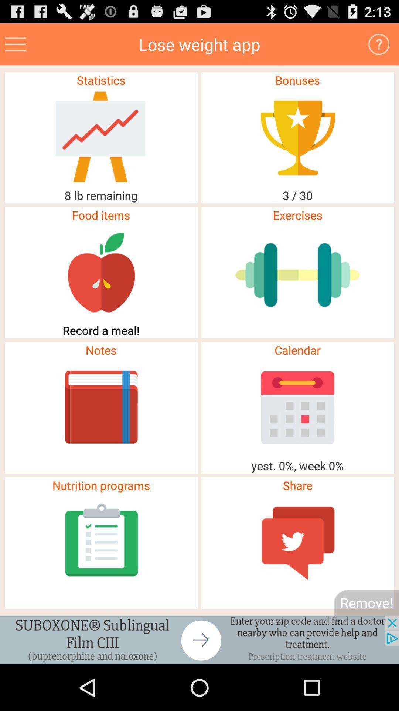  I want to click on the menu icon, so click(15, 47).